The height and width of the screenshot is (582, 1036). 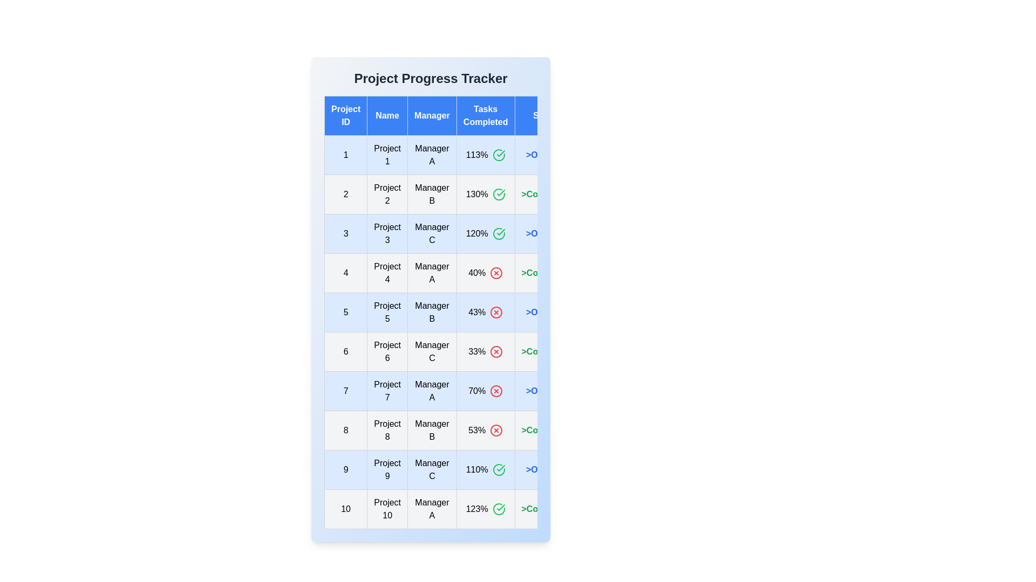 What do you see at coordinates (387, 116) in the screenshot?
I see `the column header Name to sort the table by that column` at bounding box center [387, 116].